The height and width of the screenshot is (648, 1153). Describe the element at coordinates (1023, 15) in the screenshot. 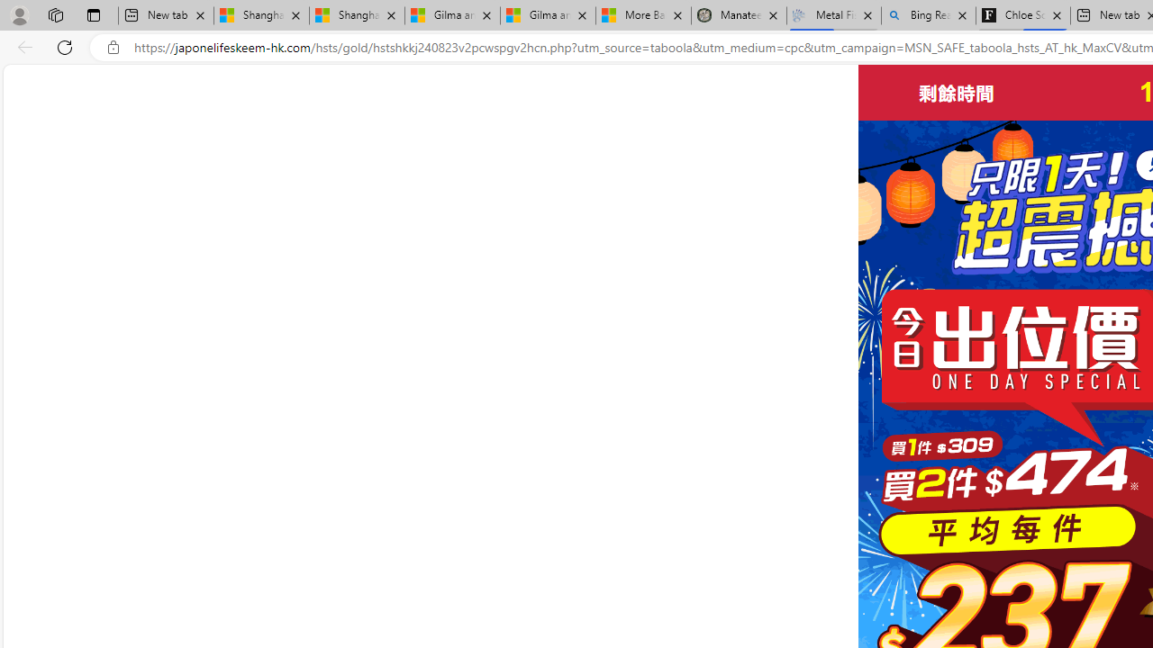

I see `'Chloe Sorvino'` at that location.